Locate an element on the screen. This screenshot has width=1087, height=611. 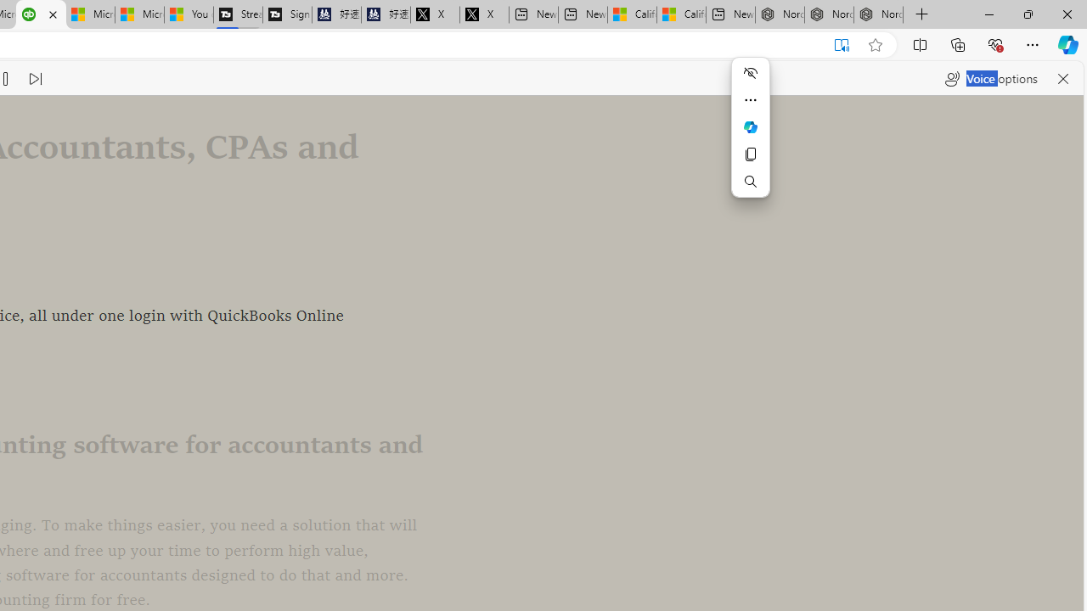
'Mini menu on text selection' is located at coordinates (749, 137).